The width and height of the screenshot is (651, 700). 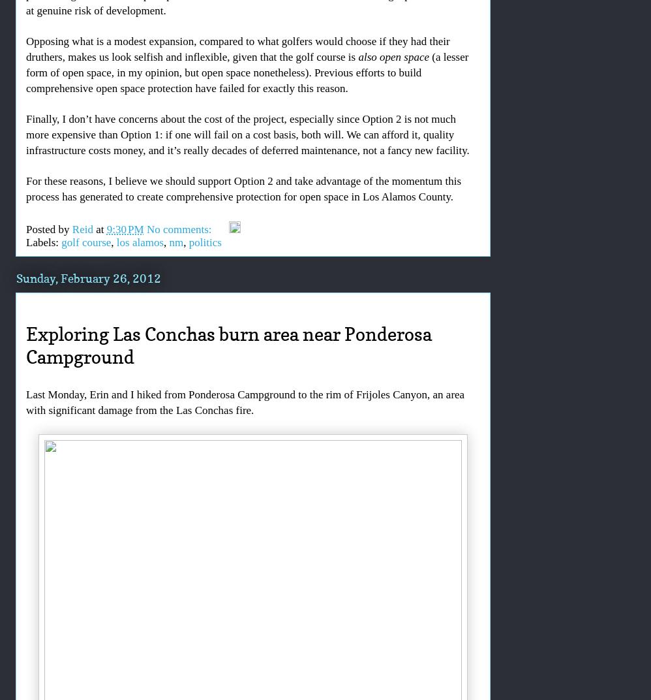 I want to click on 'Last Monday, Erin and I hiked from Ponderosa Campground to the rim of Frijoles Canyon, an area with significant damage from the Las Conchas fire.', so click(x=245, y=402).